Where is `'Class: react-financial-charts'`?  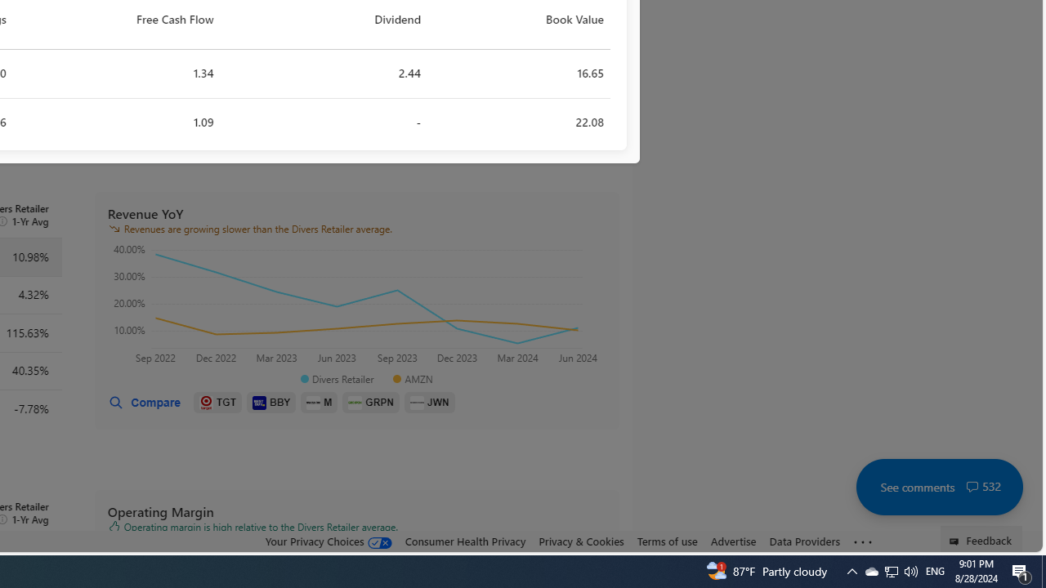
'Class: react-financial-charts' is located at coordinates (355, 306).